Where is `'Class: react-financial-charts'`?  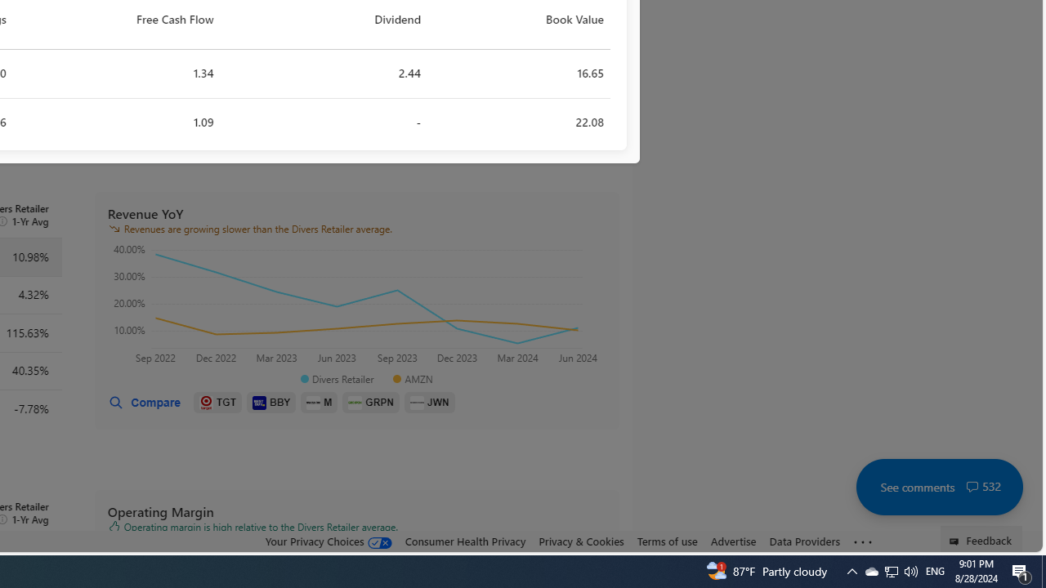
'Class: react-financial-charts' is located at coordinates (355, 306).